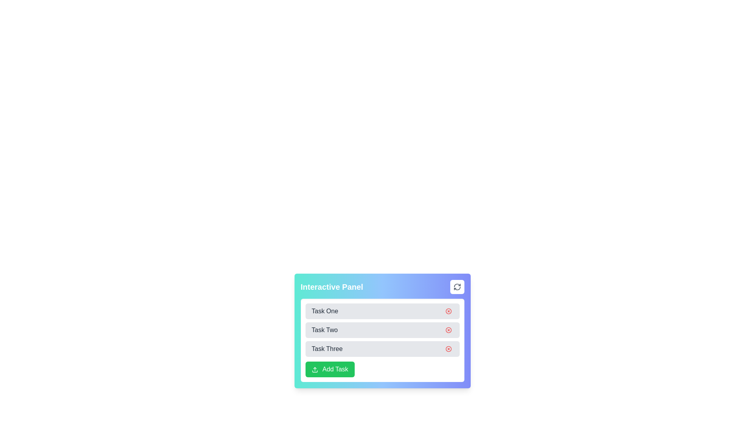  Describe the element at coordinates (448, 348) in the screenshot. I see `the icon component associated with 'Task Three' located in the Interactive Panel, specifically to the right end of the third task entry labeled 'Task Three'` at that location.